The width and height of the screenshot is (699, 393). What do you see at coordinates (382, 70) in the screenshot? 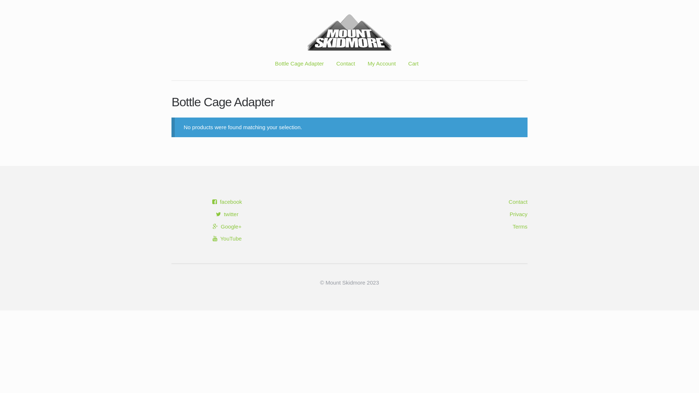
I see `'My Account'` at bounding box center [382, 70].